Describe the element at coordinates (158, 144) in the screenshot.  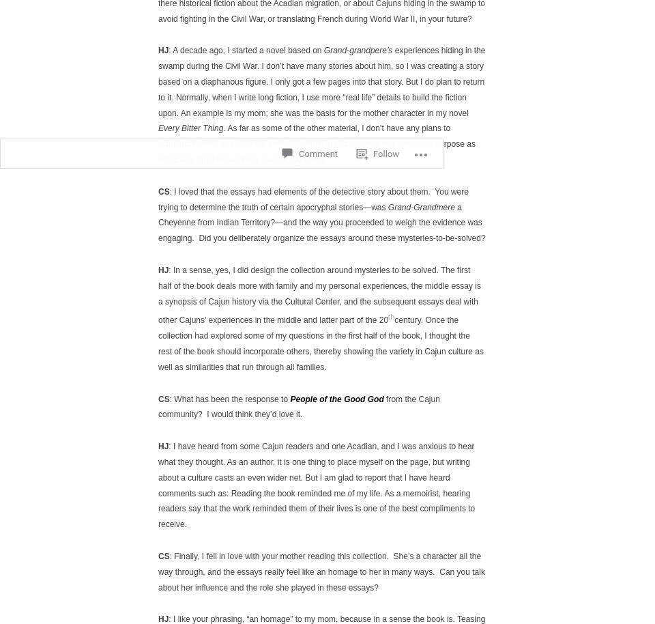
I see `'. As far as some of the other material, I don’t have any plans to fictionalize them. At this point, I feel as if most of that material has served its purpose as nonfiction. But I know better than to say never.'` at that location.